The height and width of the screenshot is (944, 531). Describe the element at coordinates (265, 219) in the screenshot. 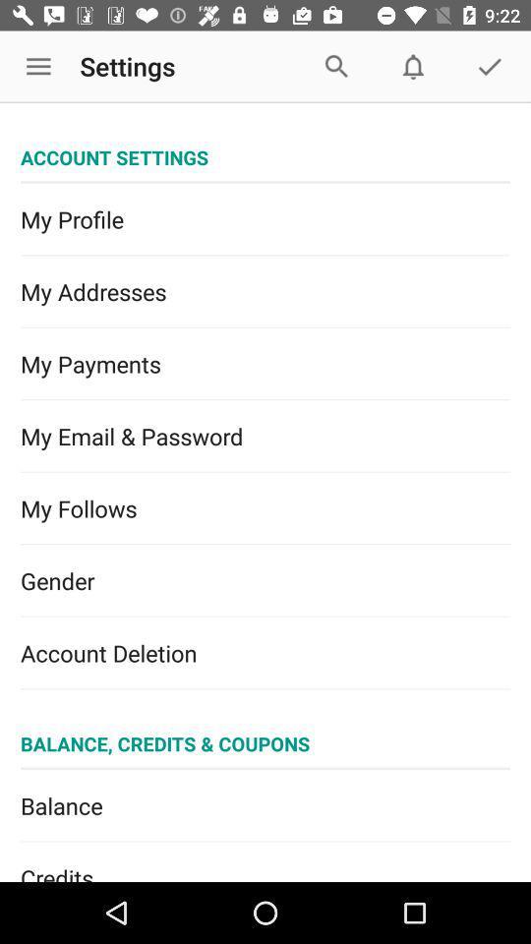

I see `the my profile item` at that location.